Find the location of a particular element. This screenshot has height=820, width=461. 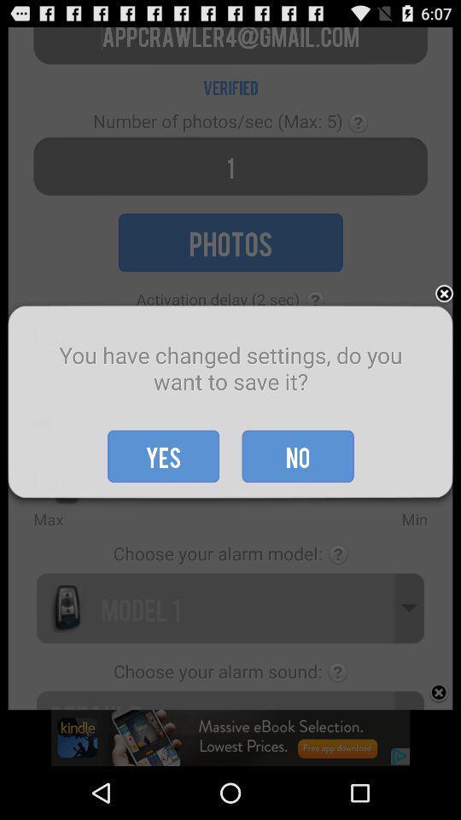

the item to the left of no item is located at coordinates (163, 455).